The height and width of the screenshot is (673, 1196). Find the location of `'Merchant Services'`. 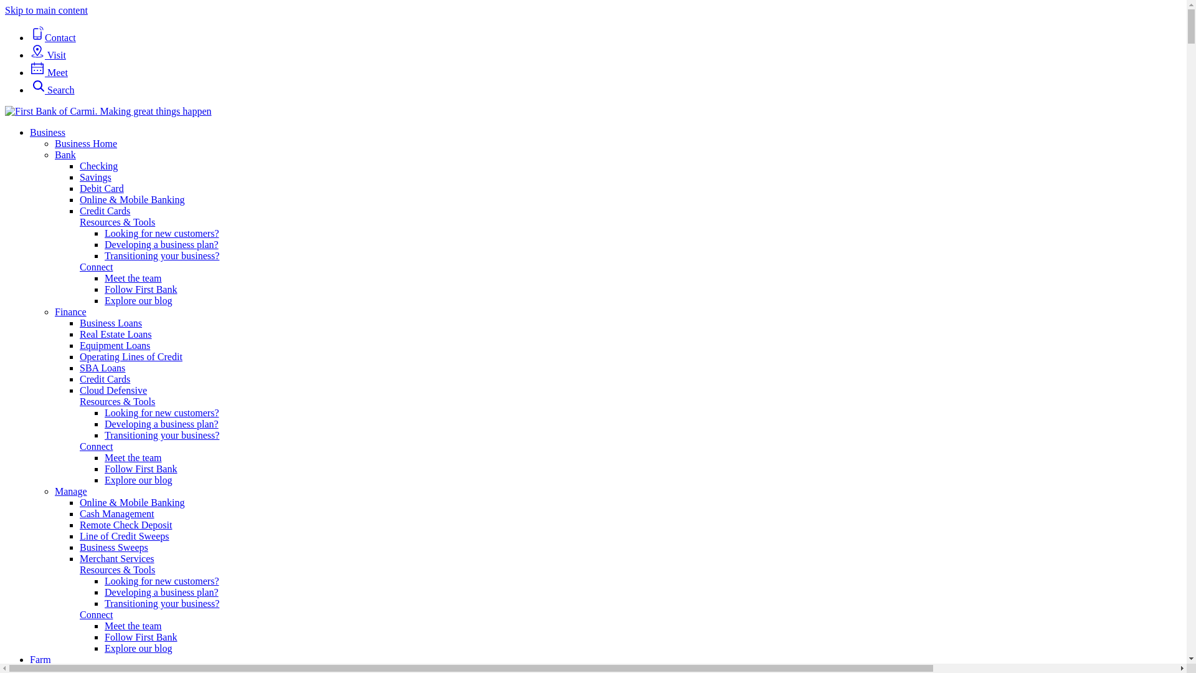

'Merchant Services' is located at coordinates (116, 558).